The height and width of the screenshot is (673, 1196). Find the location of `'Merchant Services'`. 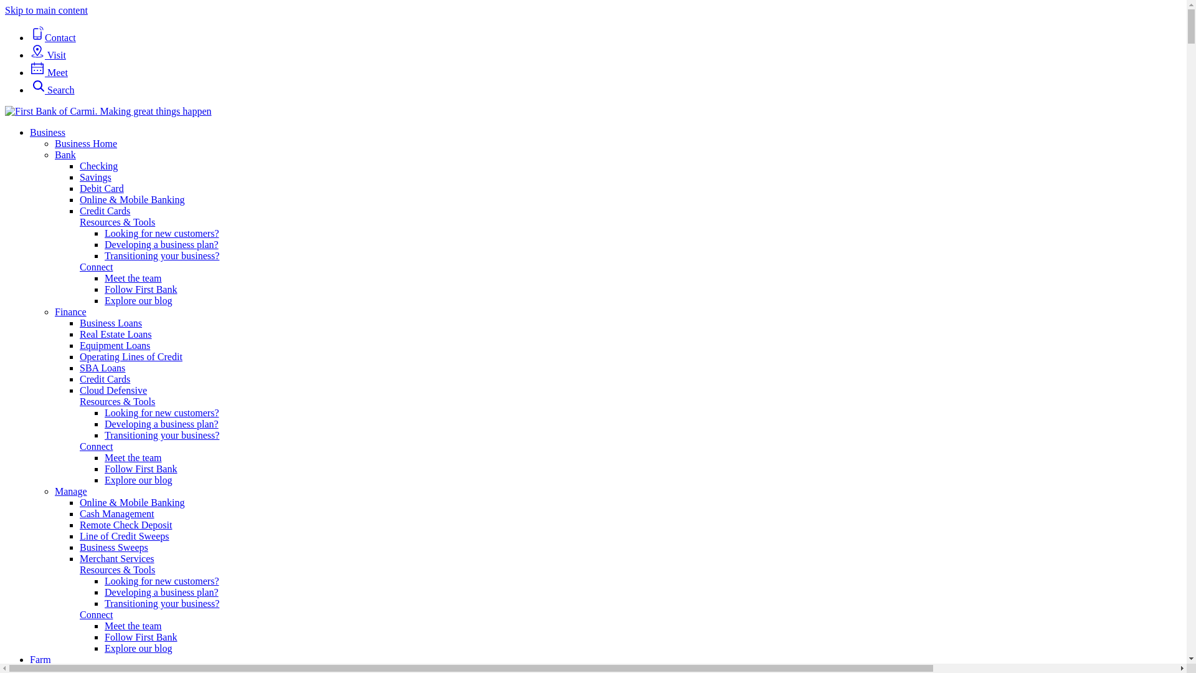

'Merchant Services' is located at coordinates (116, 558).